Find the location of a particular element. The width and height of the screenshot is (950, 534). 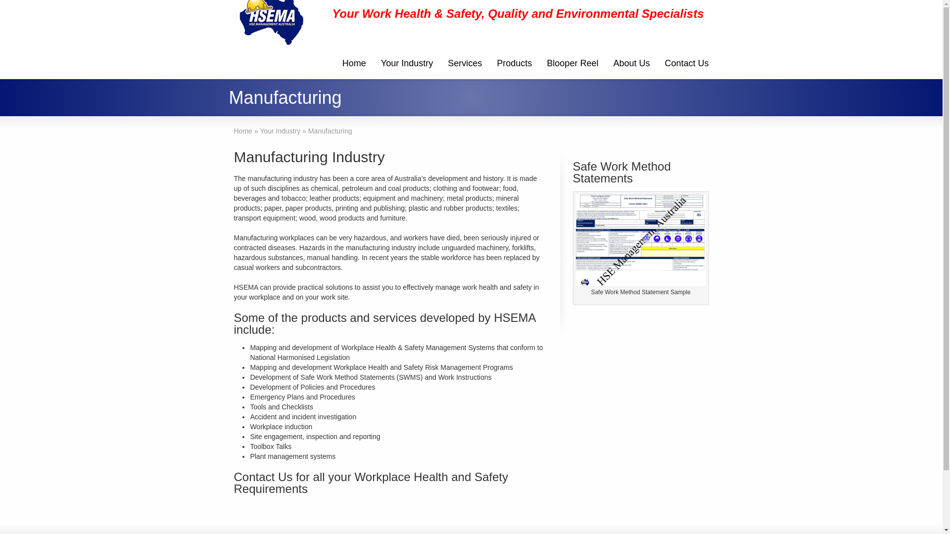

'Products' is located at coordinates (489, 64).